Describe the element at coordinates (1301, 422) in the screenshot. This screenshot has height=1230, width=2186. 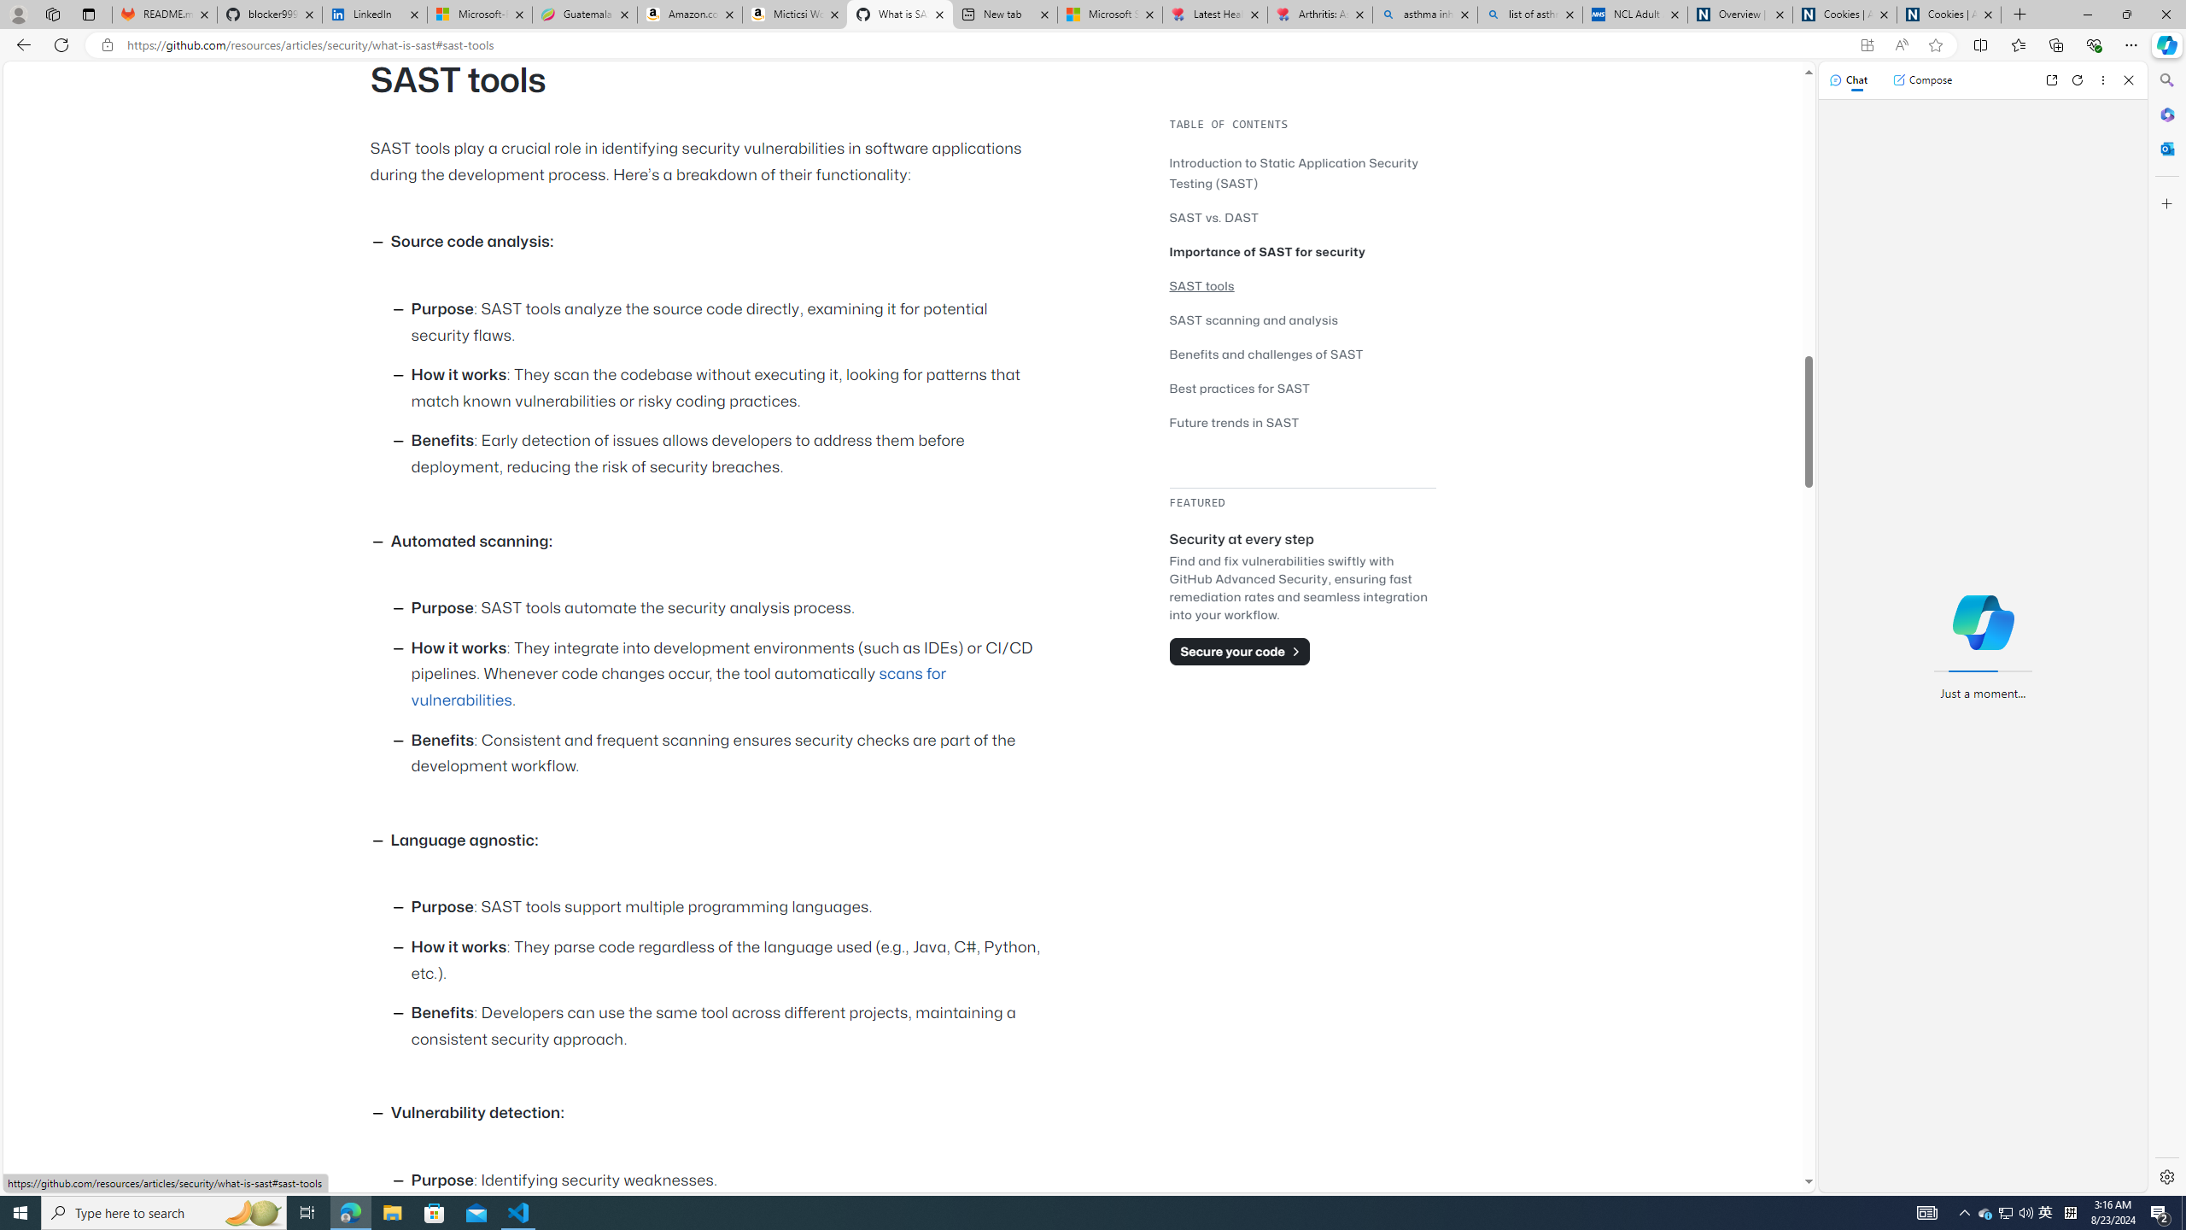
I see `'Future trends in SAST'` at that location.